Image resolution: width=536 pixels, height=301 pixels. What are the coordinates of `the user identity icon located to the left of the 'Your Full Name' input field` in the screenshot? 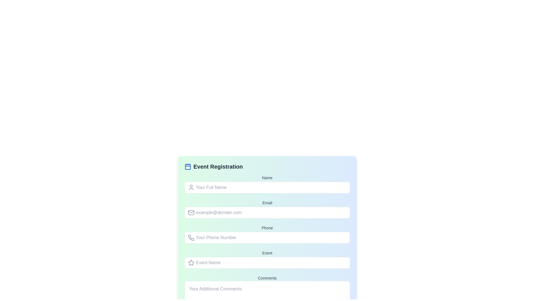 It's located at (191, 187).